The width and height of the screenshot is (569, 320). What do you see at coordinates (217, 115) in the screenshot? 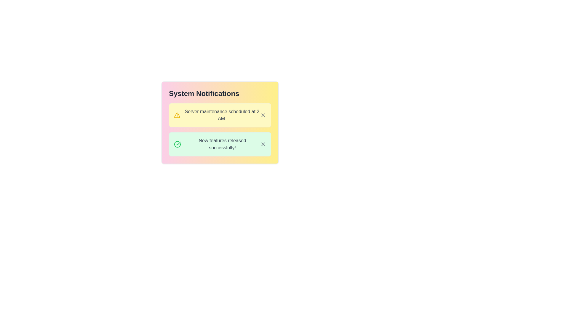
I see `the non-interactive text display that informs users about the scheduled server maintenance event at 2 AM, which is located in the second row of the yellow notification box` at bounding box center [217, 115].